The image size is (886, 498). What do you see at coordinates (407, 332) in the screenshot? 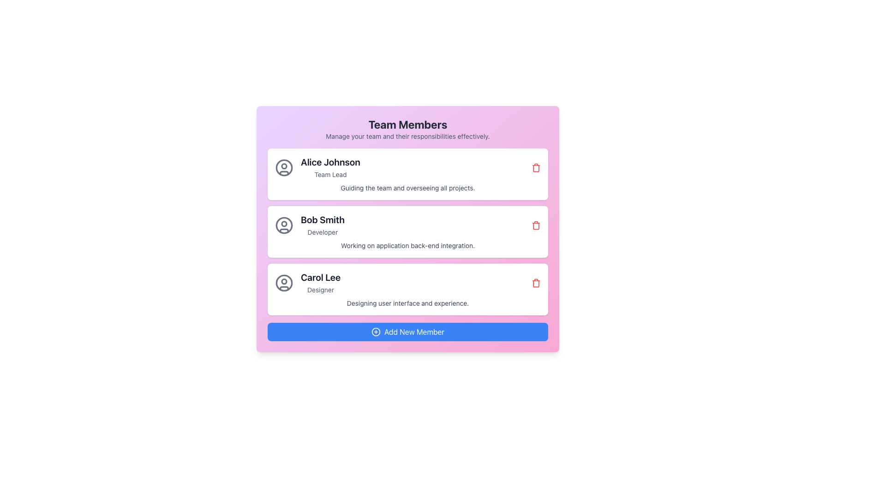
I see `the blue button labeled 'Add New Member' with a '+' icon` at bounding box center [407, 332].